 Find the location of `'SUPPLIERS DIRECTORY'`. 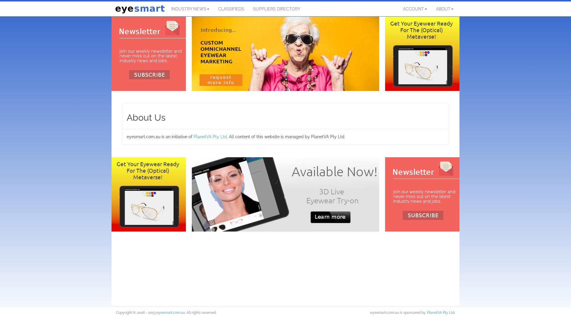

'SUPPLIERS DIRECTORY' is located at coordinates (276, 9).